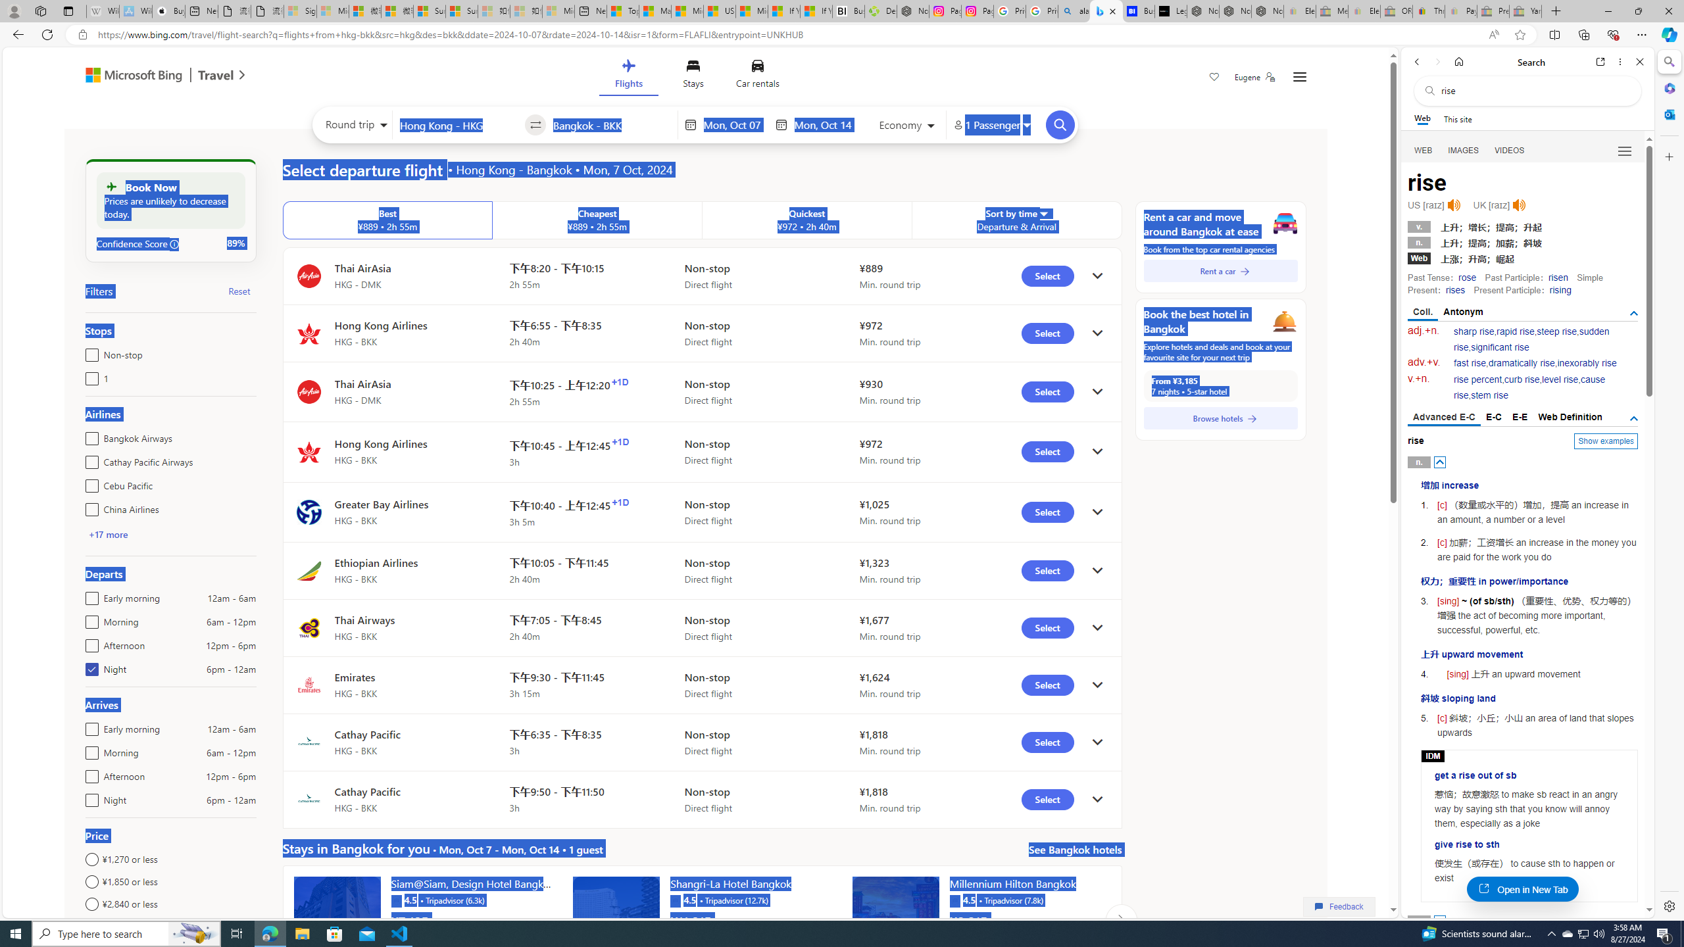 Image resolution: width=1684 pixels, height=947 pixels. What do you see at coordinates (1220, 270) in the screenshot?
I see `'Rent a car'` at bounding box center [1220, 270].